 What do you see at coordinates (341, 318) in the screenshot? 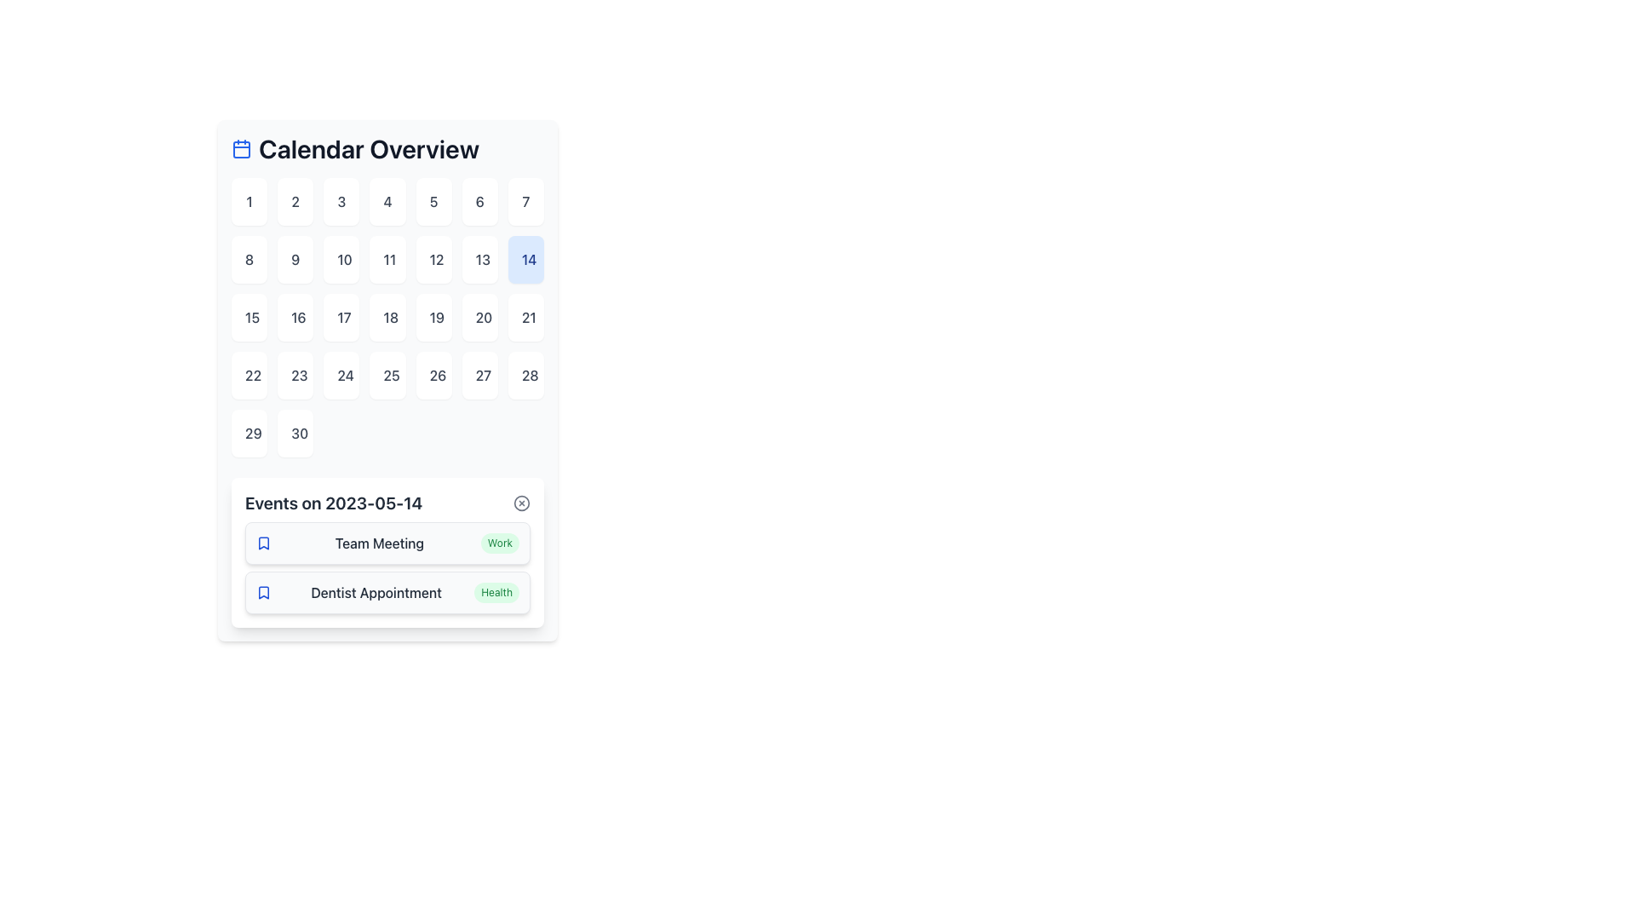
I see `the button labeled '17'` at bounding box center [341, 318].